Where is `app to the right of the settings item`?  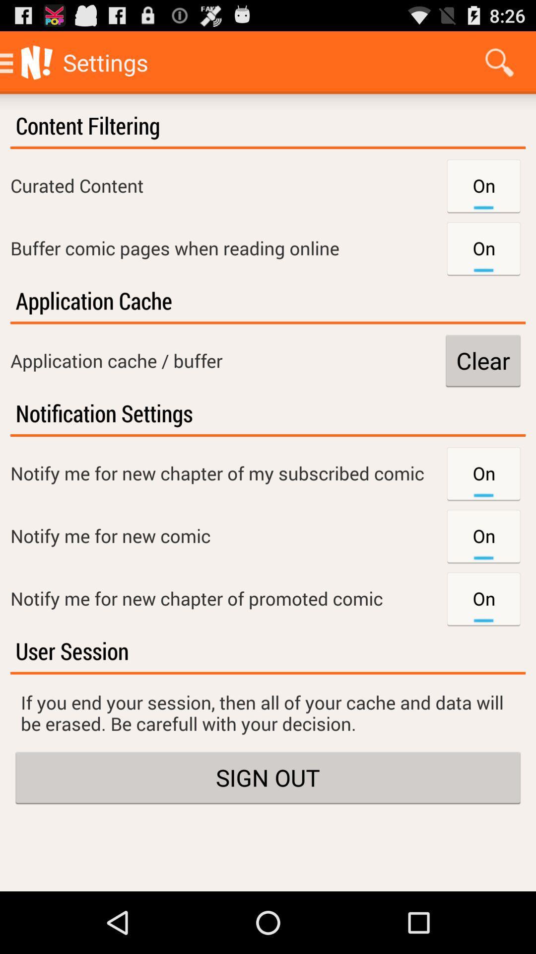
app to the right of the settings item is located at coordinates (499, 62).